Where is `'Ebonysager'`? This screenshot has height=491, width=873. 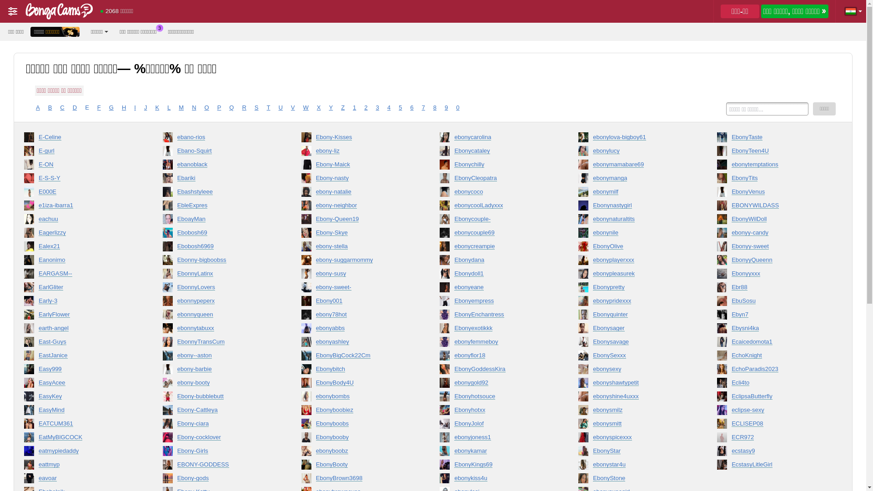
'Ebonysager' is located at coordinates (634, 330).